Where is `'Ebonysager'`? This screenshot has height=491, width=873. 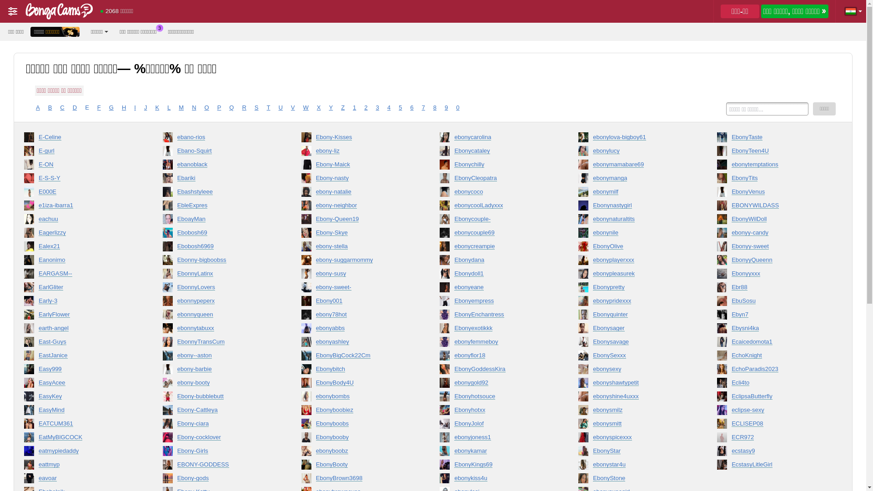
'Ebonysager' is located at coordinates (634, 330).